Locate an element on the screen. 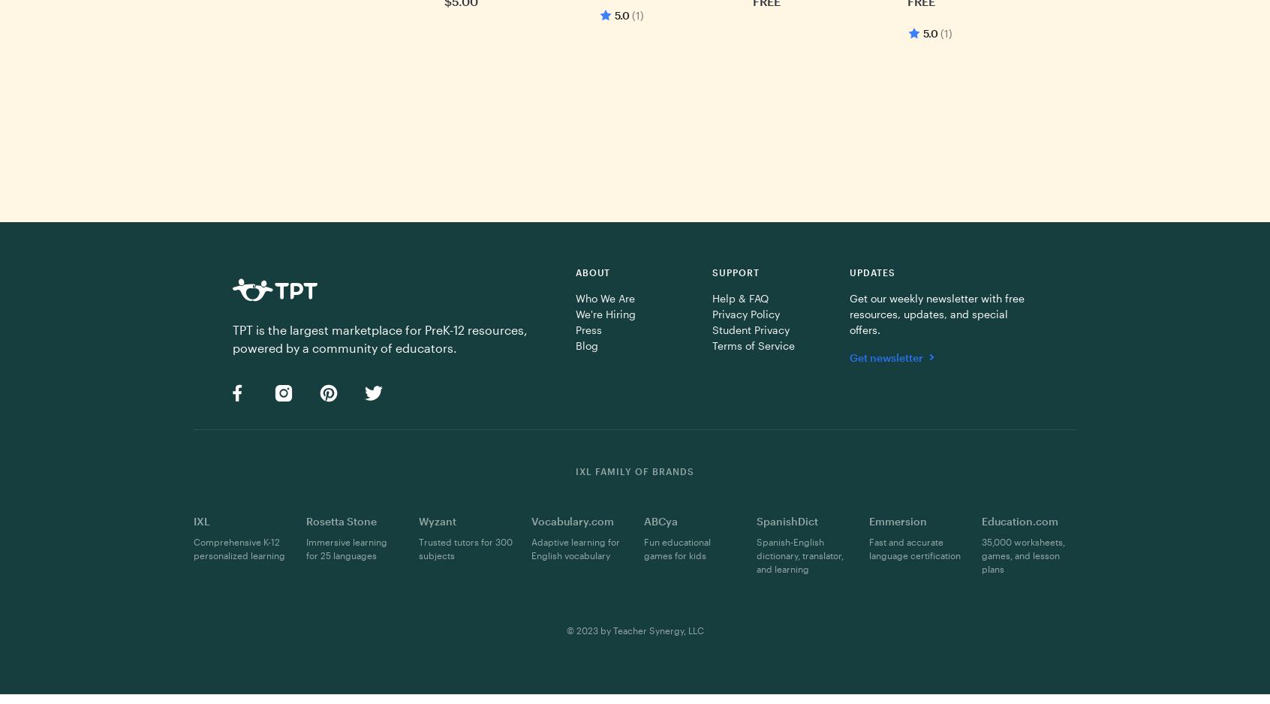  'We're Hiring' is located at coordinates (605, 313).